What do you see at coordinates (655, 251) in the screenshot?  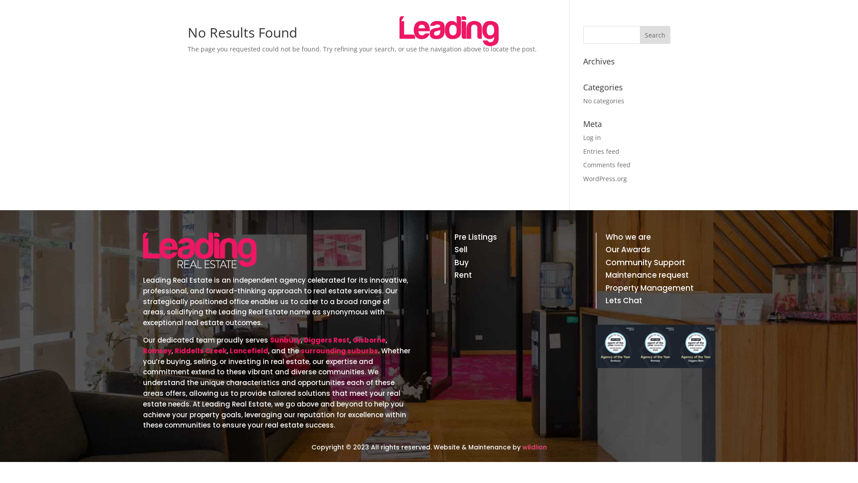 I see `'Our Awards'` at bounding box center [655, 251].